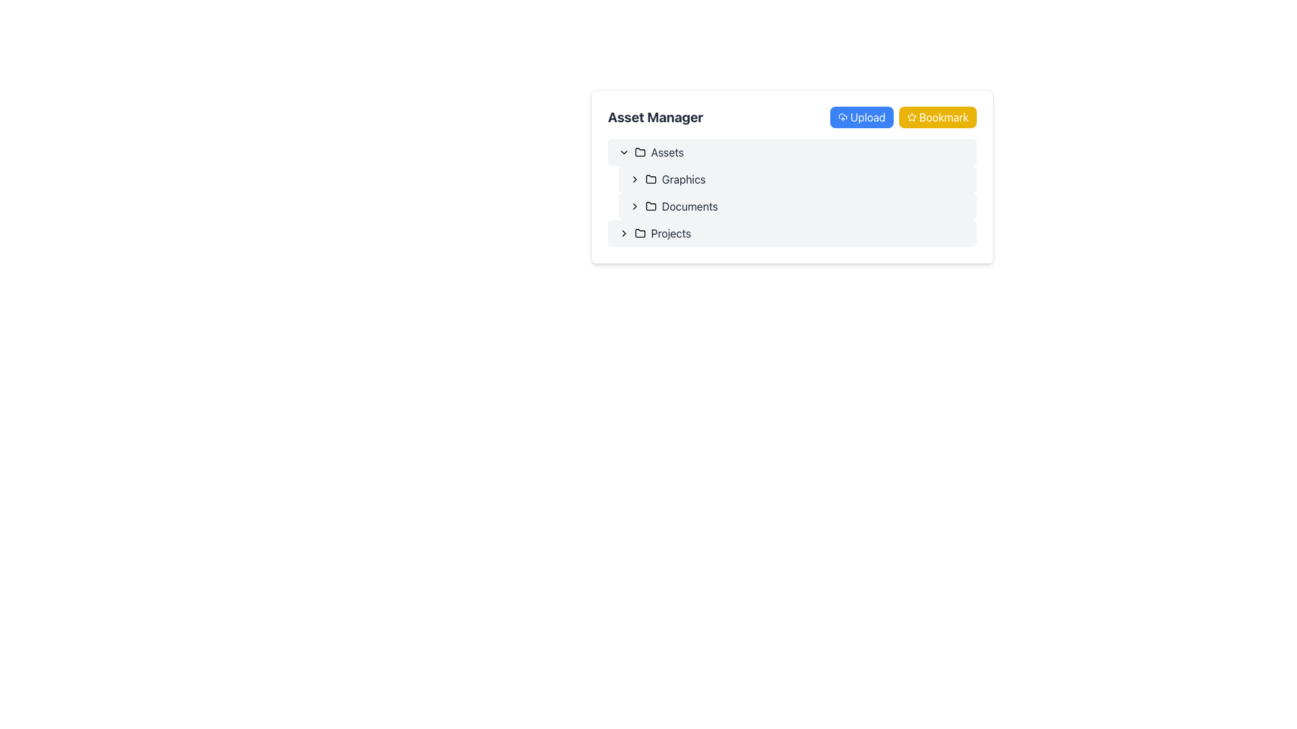 Image resolution: width=1297 pixels, height=729 pixels. What do you see at coordinates (667, 152) in the screenshot?
I see `text label 'Assets' located in the navigation menu beside a folder icon, positioned above submenus such as 'Graphics', 'Documents', and 'Projects'` at bounding box center [667, 152].